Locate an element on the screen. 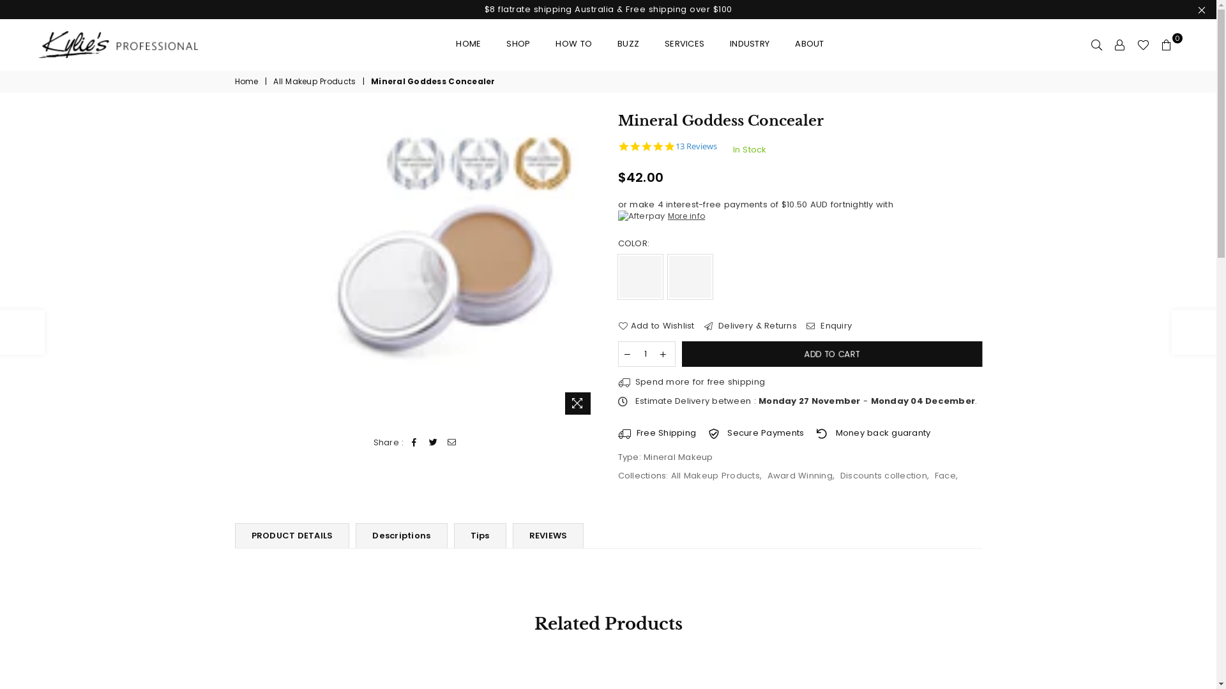 Image resolution: width=1226 pixels, height=689 pixels. 'Delivery & Returns' is located at coordinates (750, 325).